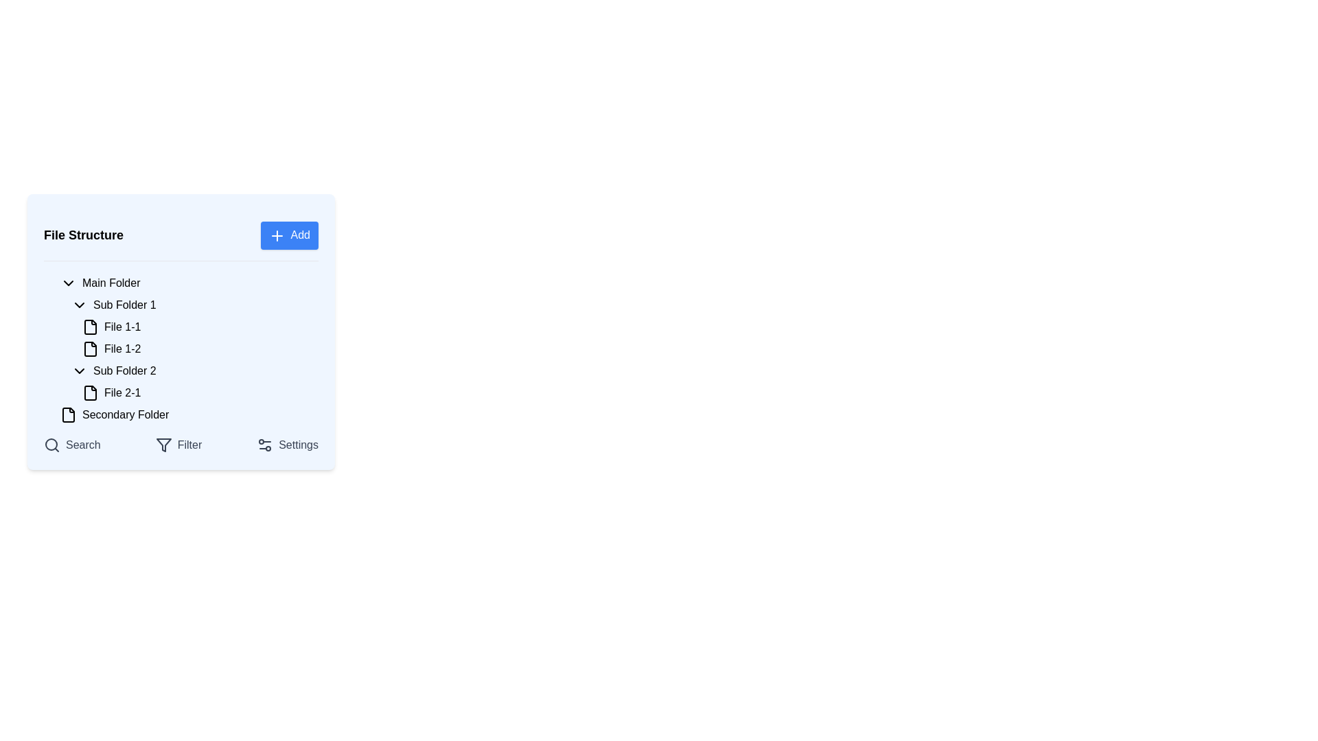 The width and height of the screenshot is (1318, 741). What do you see at coordinates (90, 392) in the screenshot?
I see `the file icon associated with 'File 2-1' located in the 'Sub Folder 2' section of the 'File Structure' hierarchy widget` at bounding box center [90, 392].